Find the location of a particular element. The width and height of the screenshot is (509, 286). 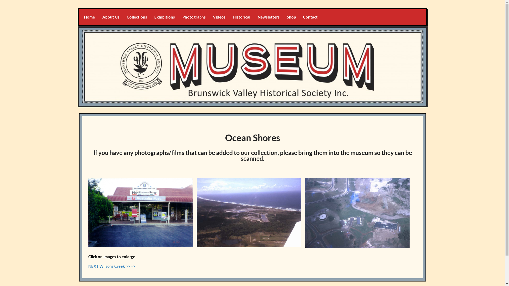

'About Us' is located at coordinates (99, 17).